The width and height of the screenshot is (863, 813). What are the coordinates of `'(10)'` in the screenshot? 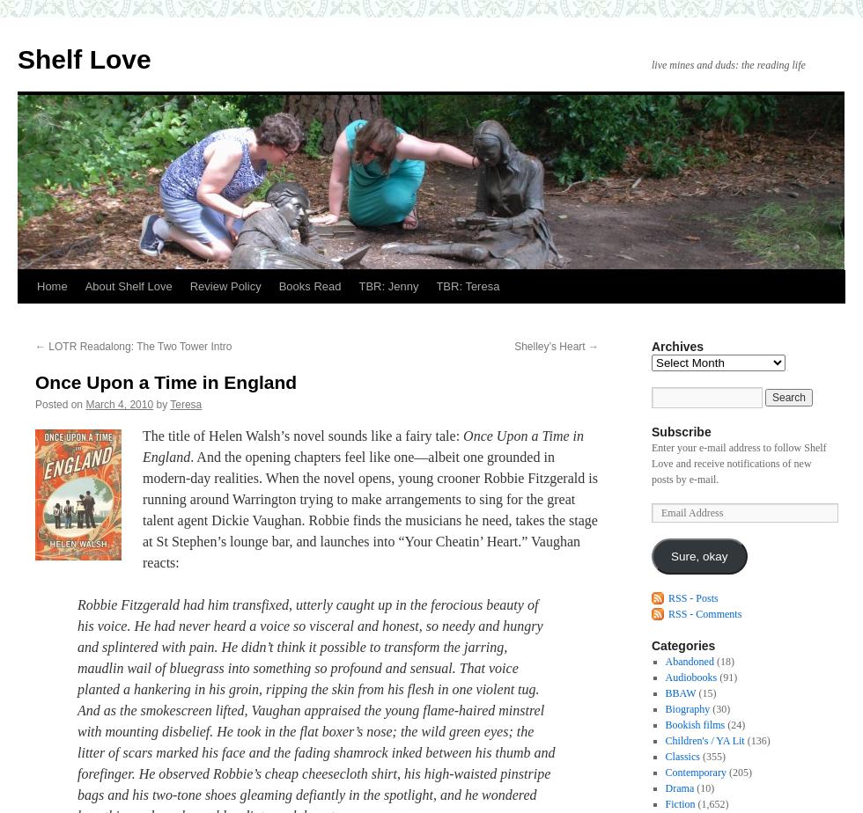 It's located at (704, 788).